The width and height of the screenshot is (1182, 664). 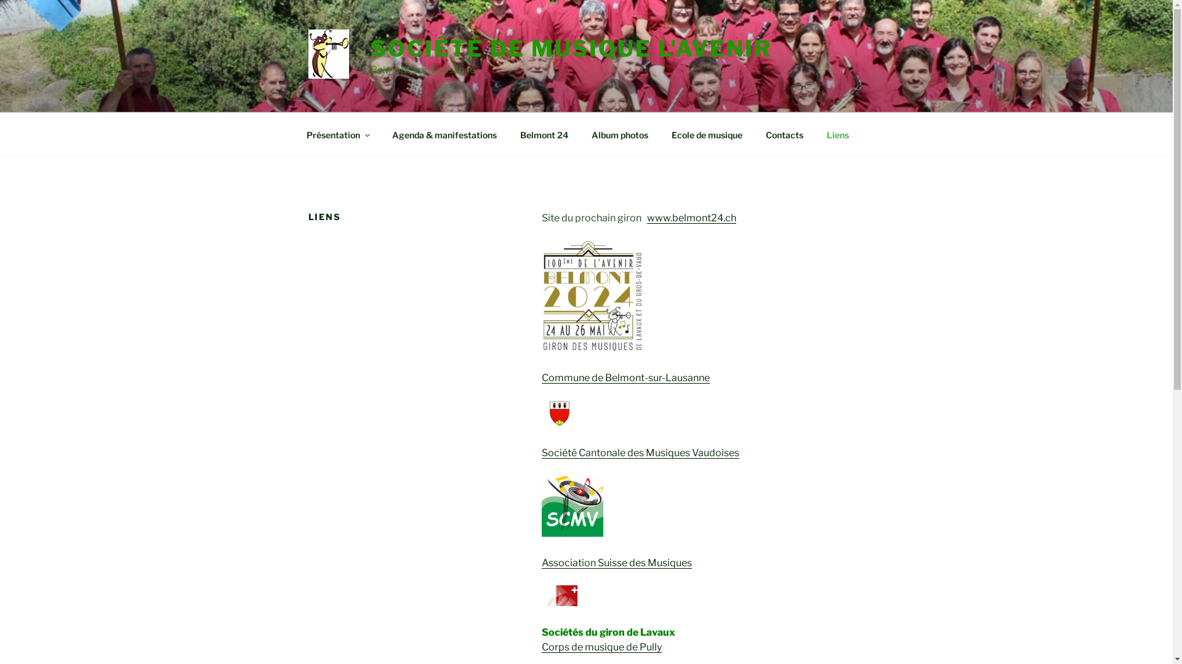 What do you see at coordinates (707, 134) in the screenshot?
I see `'Ecole de musique'` at bounding box center [707, 134].